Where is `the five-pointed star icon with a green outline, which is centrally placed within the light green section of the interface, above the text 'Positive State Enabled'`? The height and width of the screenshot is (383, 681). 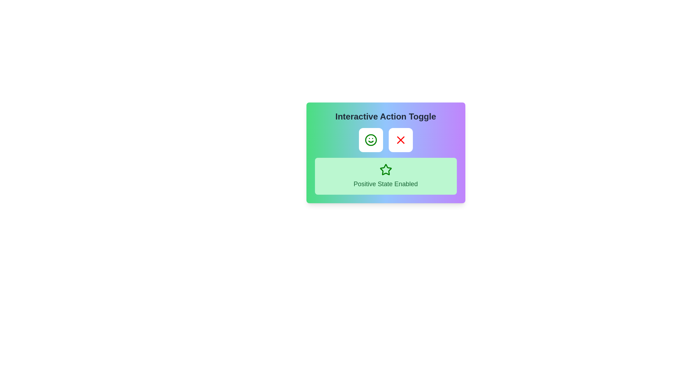
the five-pointed star icon with a green outline, which is centrally placed within the light green section of the interface, above the text 'Positive State Enabled' is located at coordinates (385, 170).